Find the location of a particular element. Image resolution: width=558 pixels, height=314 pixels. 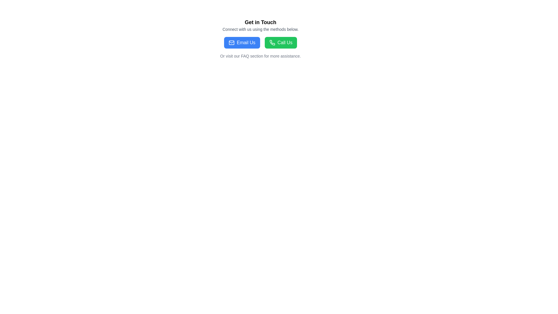

the 'Email Us' button, which has a blue background, white text, and an envelope icon, to initiate an email is located at coordinates (242, 42).